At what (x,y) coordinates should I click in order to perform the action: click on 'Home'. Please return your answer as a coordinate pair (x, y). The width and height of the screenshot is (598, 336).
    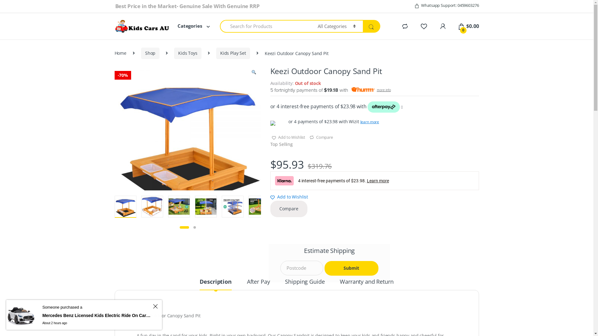
    Looking at the image, I should click on (121, 53).